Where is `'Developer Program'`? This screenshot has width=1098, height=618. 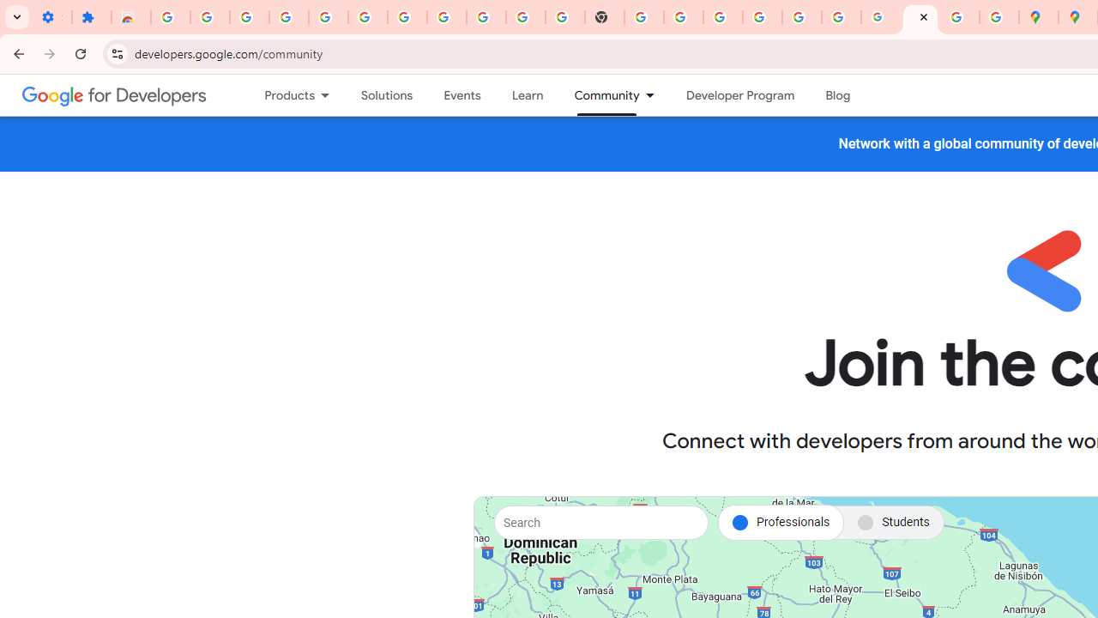
'Developer Program' is located at coordinates (739, 95).